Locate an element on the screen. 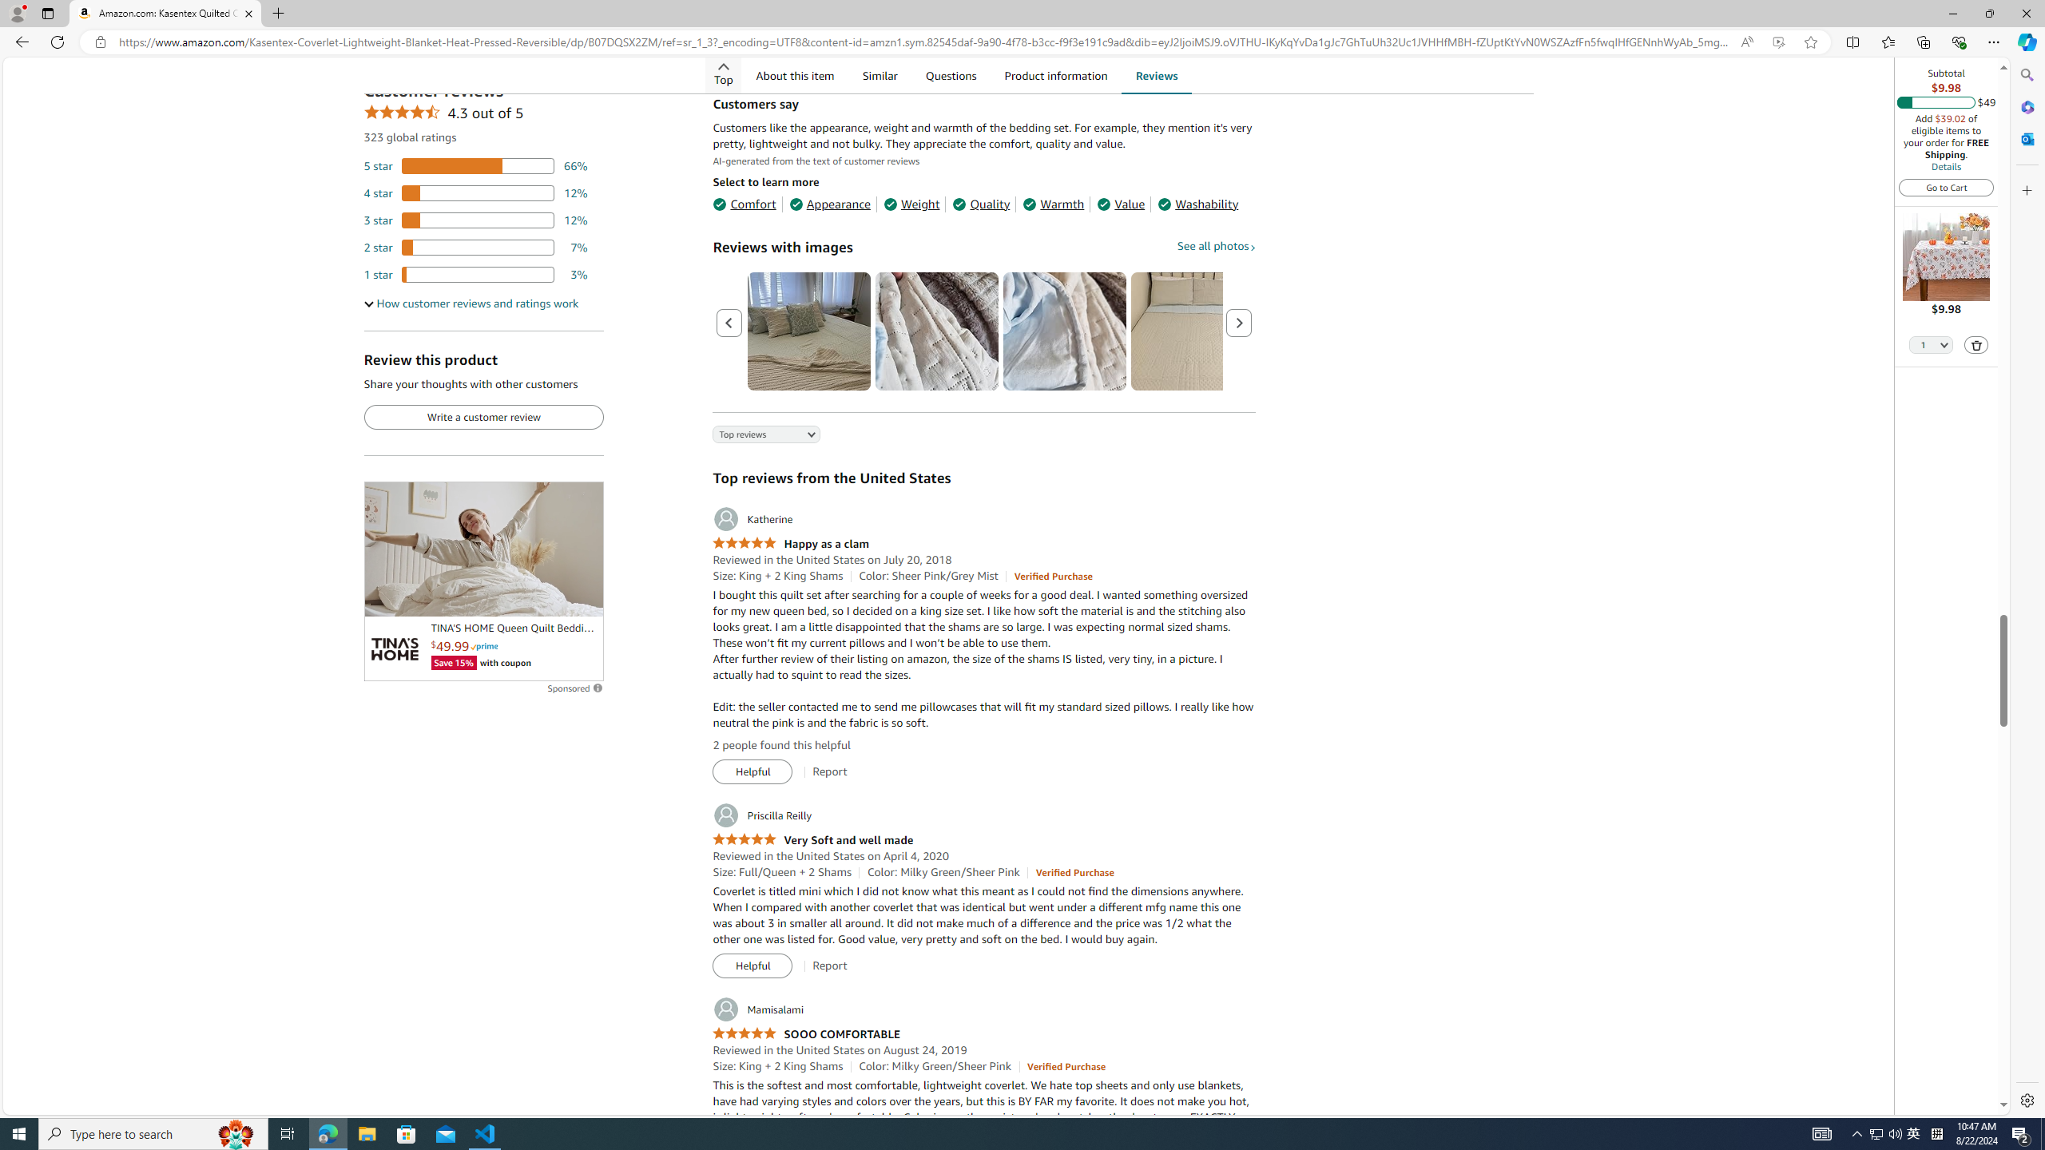  'Previous page' is located at coordinates (729, 323).